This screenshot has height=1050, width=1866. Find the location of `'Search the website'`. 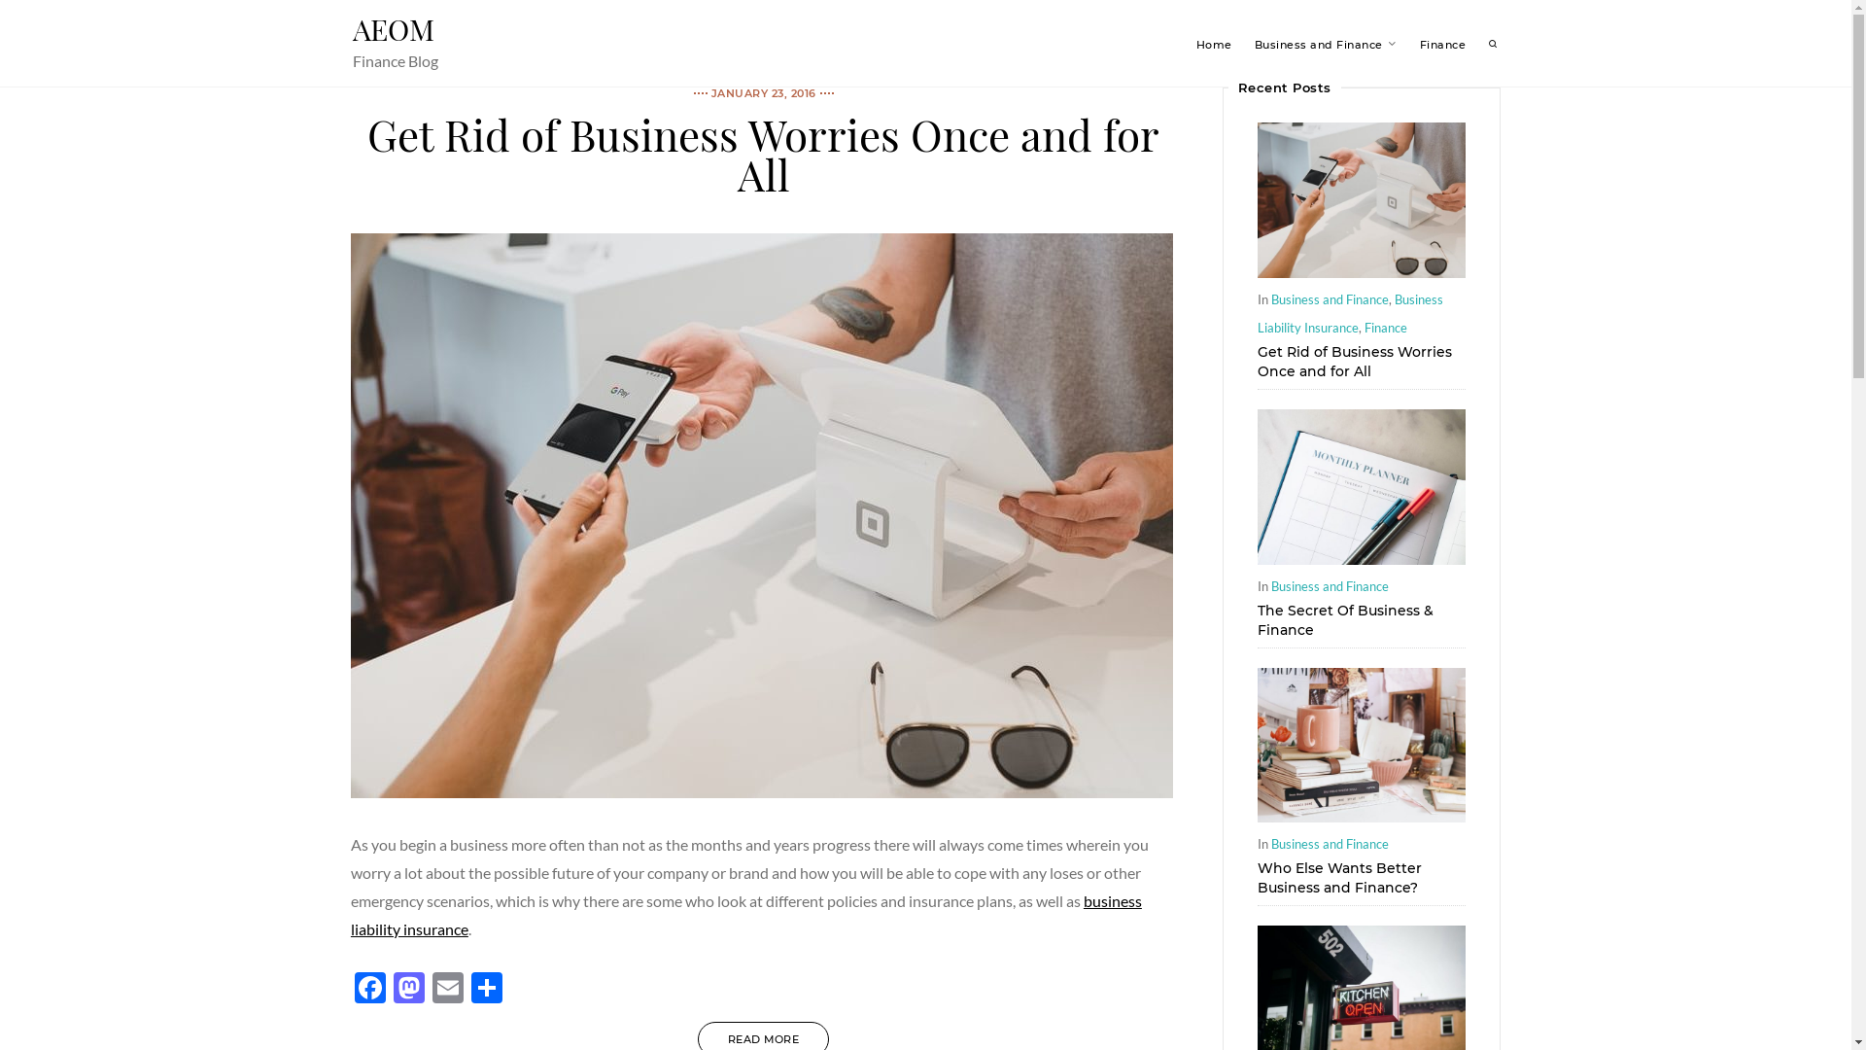

'Search the website' is located at coordinates (1492, 44).